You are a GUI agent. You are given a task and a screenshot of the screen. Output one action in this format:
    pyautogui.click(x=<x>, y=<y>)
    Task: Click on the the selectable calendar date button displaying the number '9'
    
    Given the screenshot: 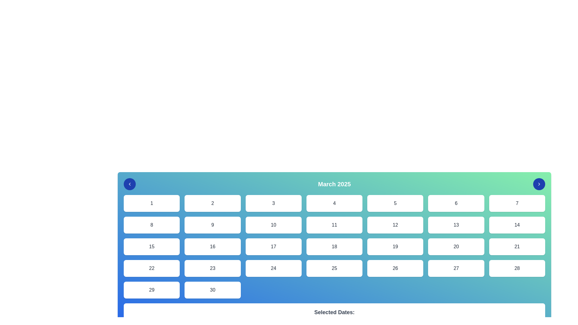 What is the action you would take?
    pyautogui.click(x=213, y=225)
    